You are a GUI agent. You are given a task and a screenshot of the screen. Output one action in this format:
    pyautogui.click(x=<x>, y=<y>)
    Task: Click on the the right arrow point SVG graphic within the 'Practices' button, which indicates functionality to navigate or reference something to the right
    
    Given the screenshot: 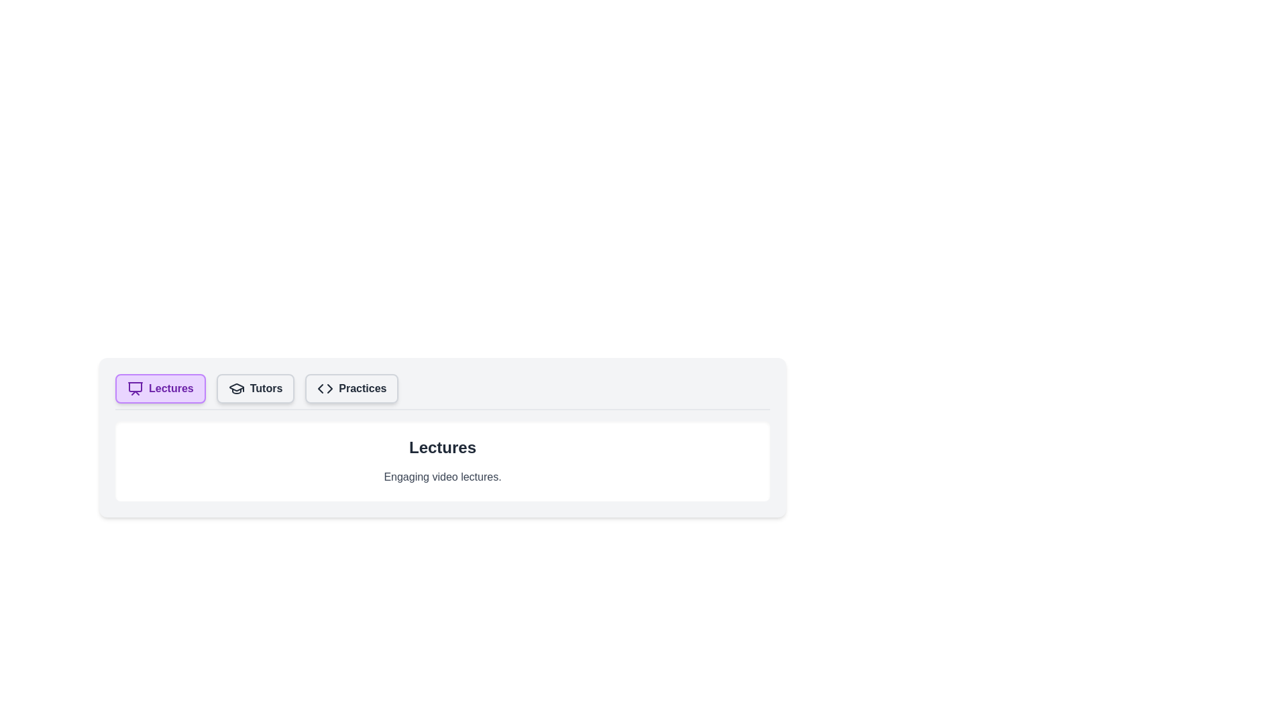 What is the action you would take?
    pyautogui.click(x=330, y=388)
    